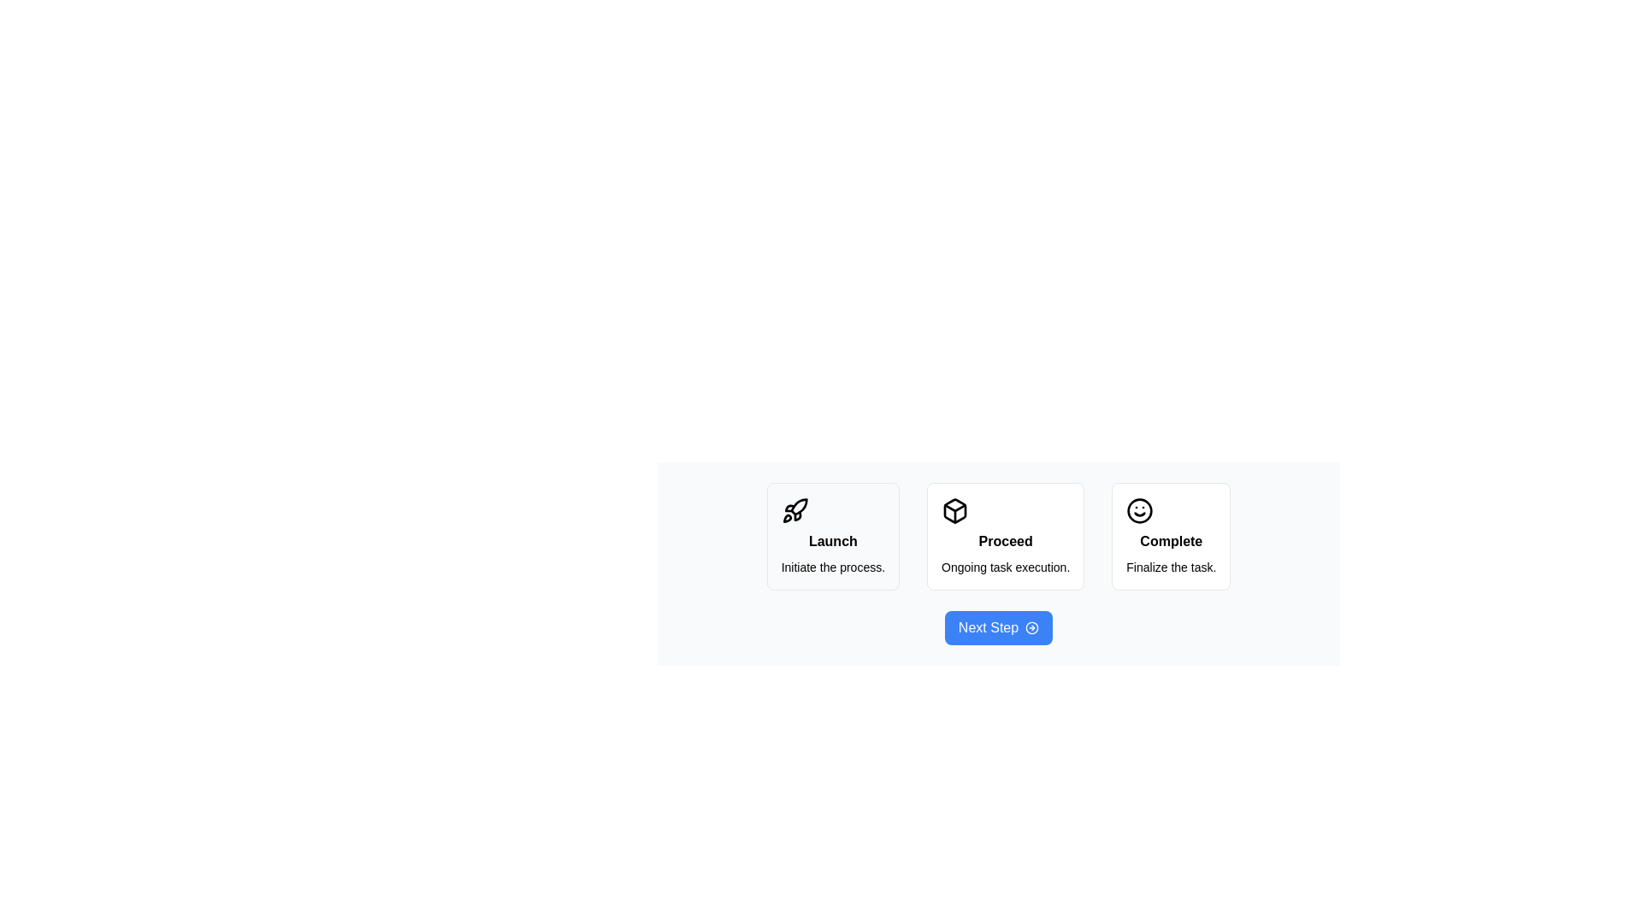 The height and width of the screenshot is (923, 1642). Describe the element at coordinates (1140, 509) in the screenshot. I see `the decorative circle element that represents the 'Complete' state in the smiley face icon, which is the rightmost icon in the set of three steps` at that location.